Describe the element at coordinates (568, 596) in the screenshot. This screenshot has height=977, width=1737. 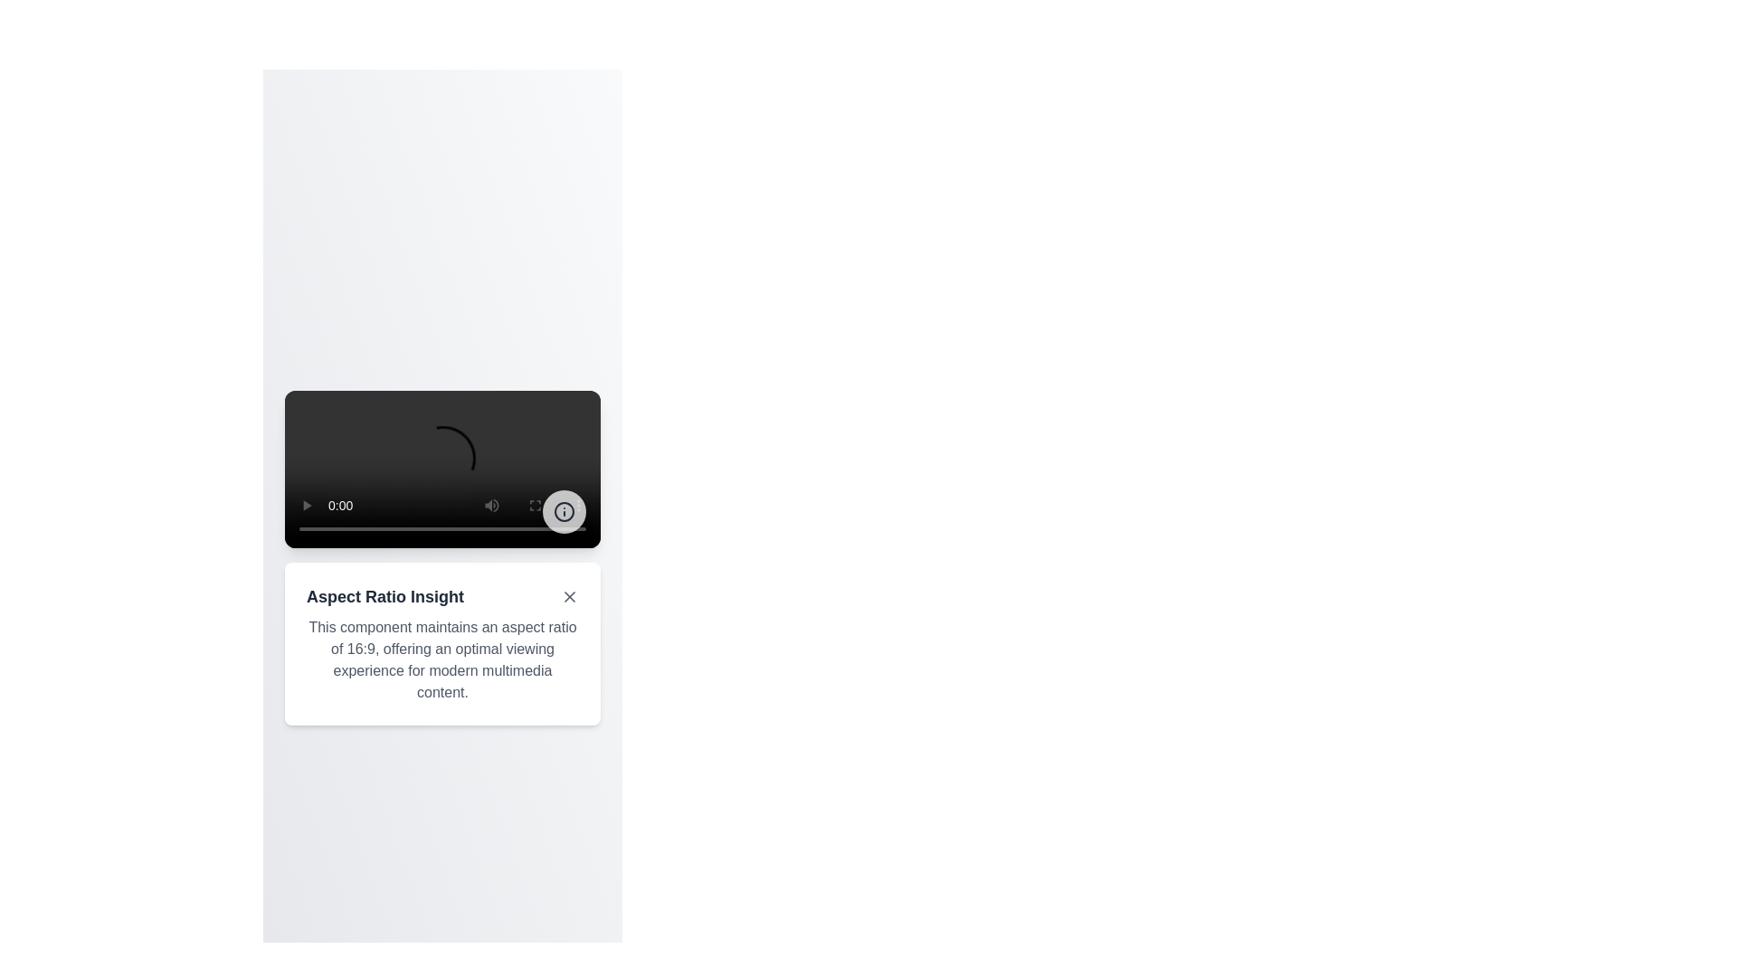
I see `the Close button, represented by an 'X' icon located in the top-right corner of the description card, to trigger visual feedback` at that location.